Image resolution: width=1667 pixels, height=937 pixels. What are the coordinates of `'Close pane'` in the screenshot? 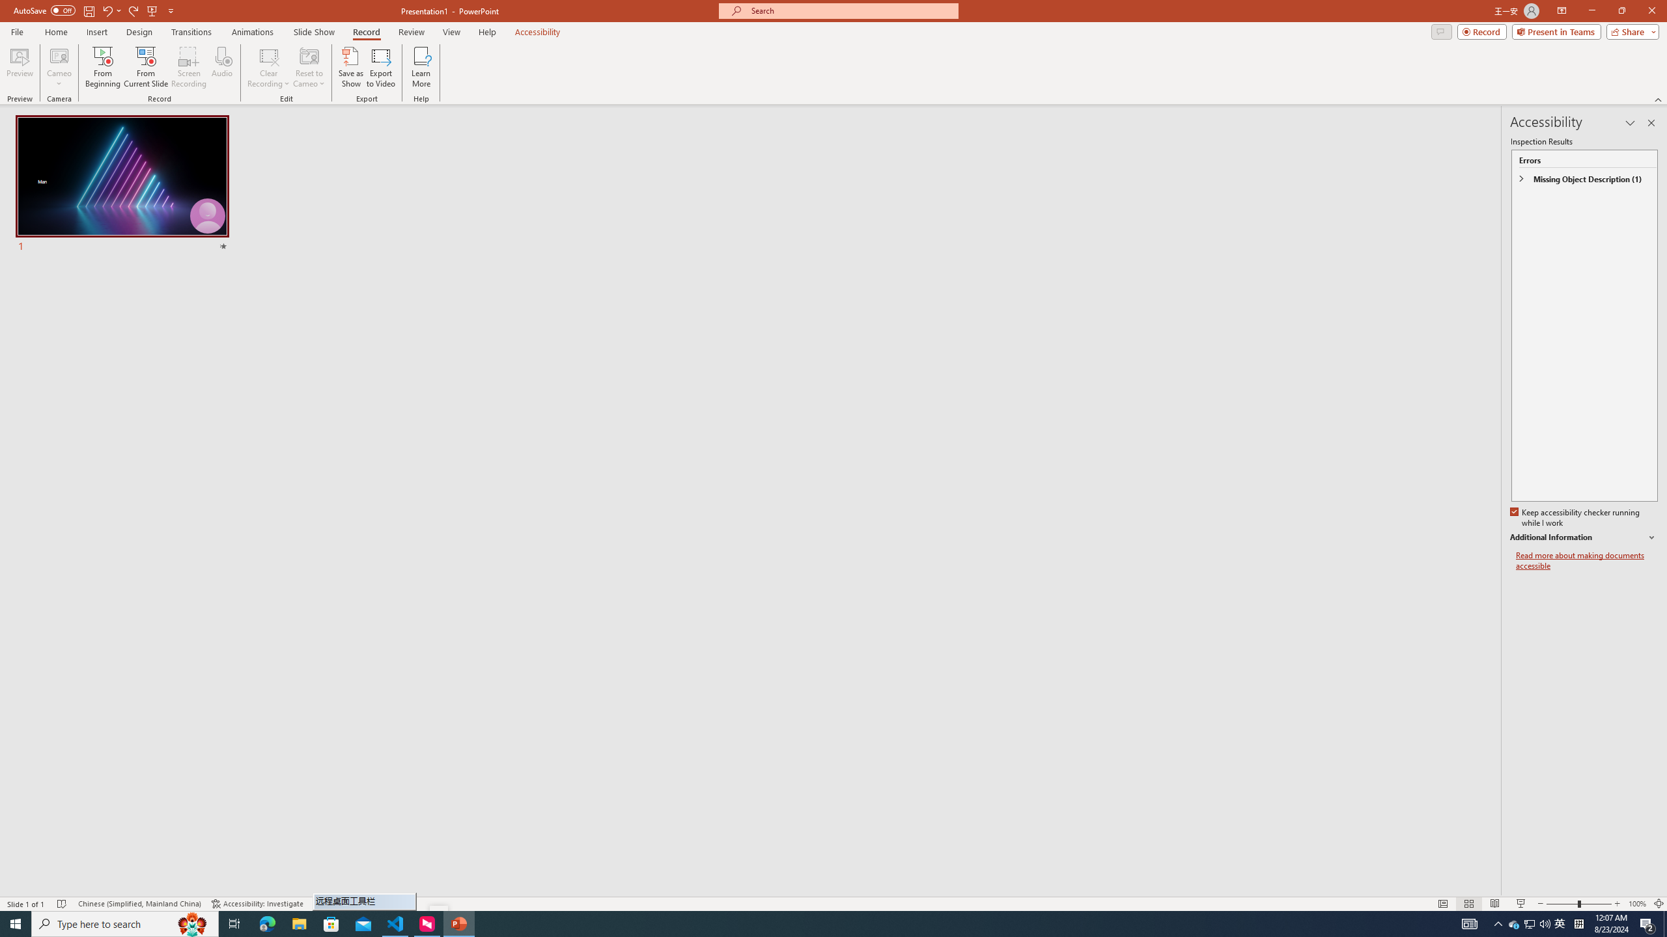 It's located at (1651, 122).